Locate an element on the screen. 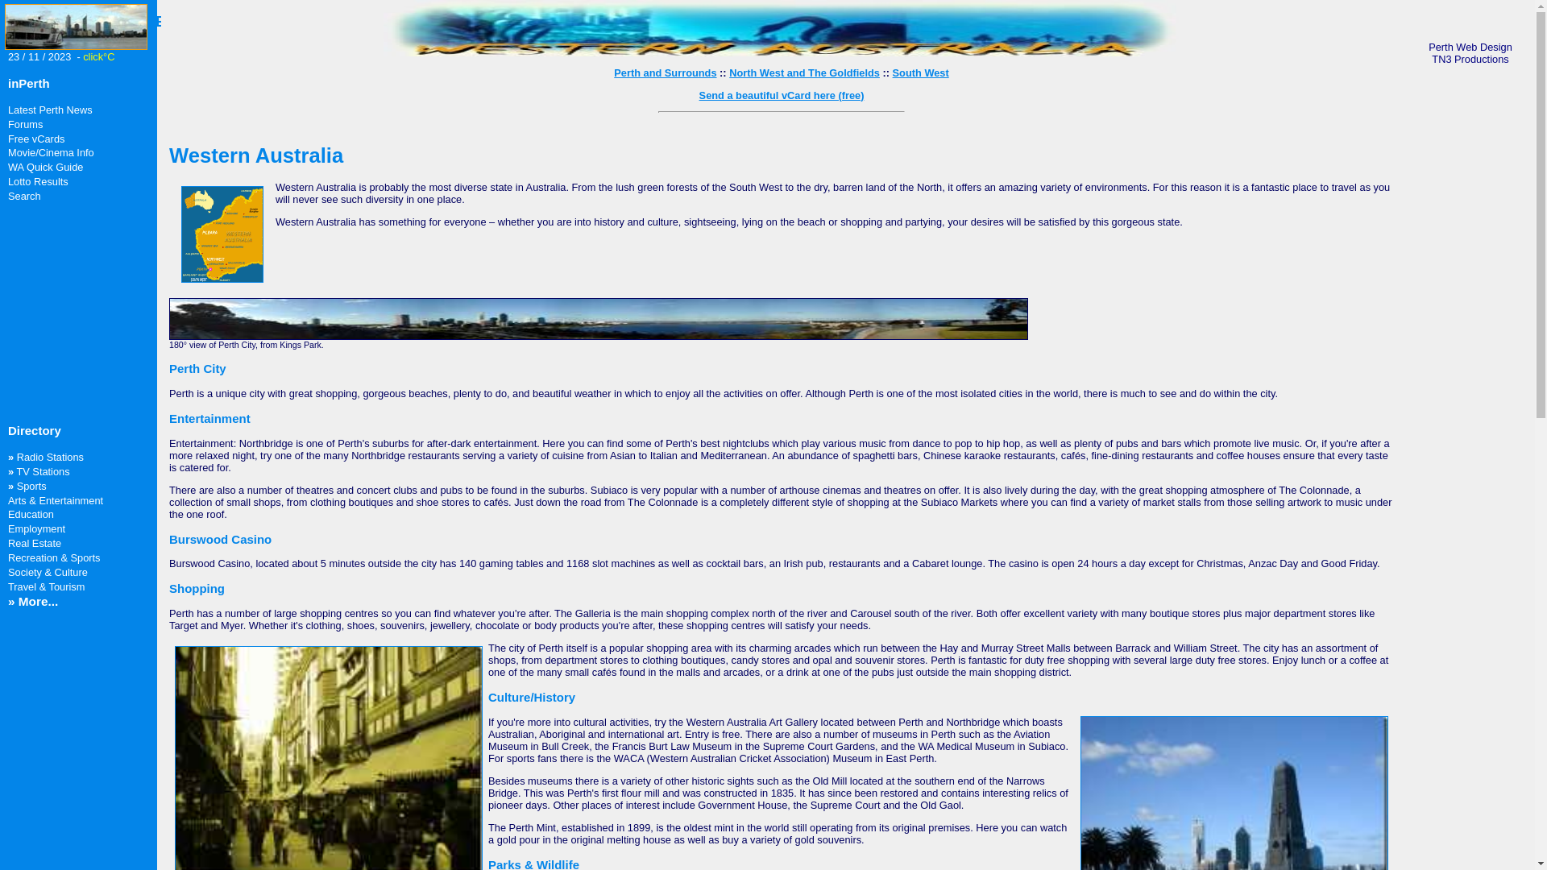 This screenshot has width=1547, height=870. 'Perth Web Design is located at coordinates (1470, 52).